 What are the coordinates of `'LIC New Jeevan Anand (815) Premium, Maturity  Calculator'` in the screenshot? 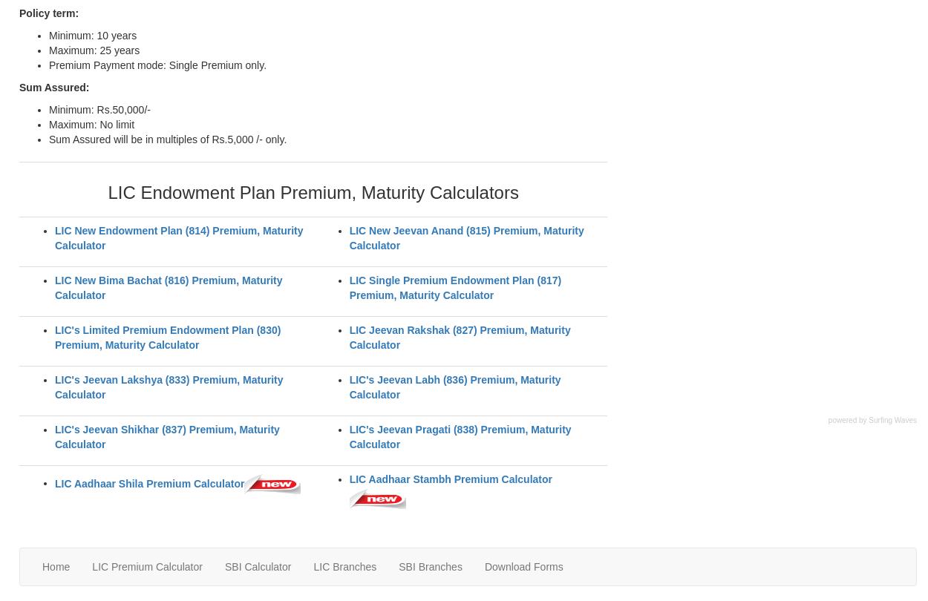 It's located at (348, 237).